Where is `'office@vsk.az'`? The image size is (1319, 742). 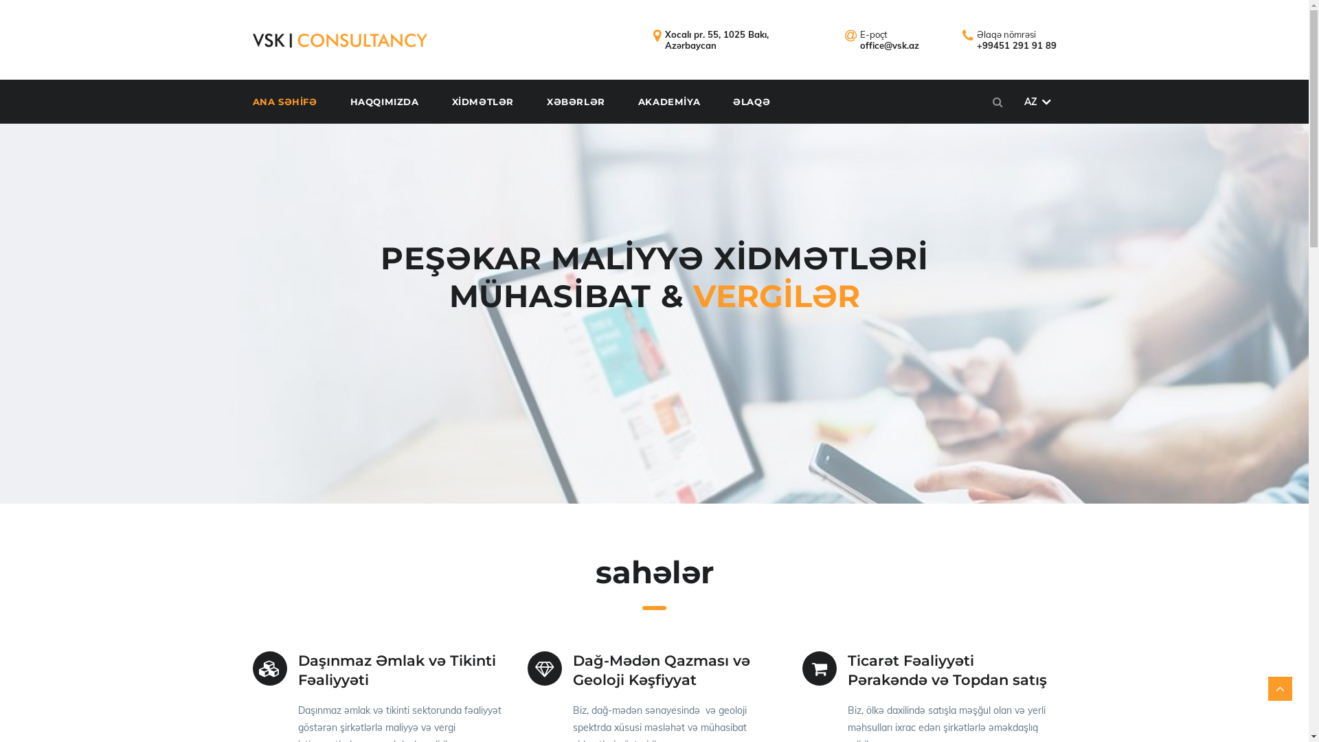
'office@vsk.az' is located at coordinates (890, 44).